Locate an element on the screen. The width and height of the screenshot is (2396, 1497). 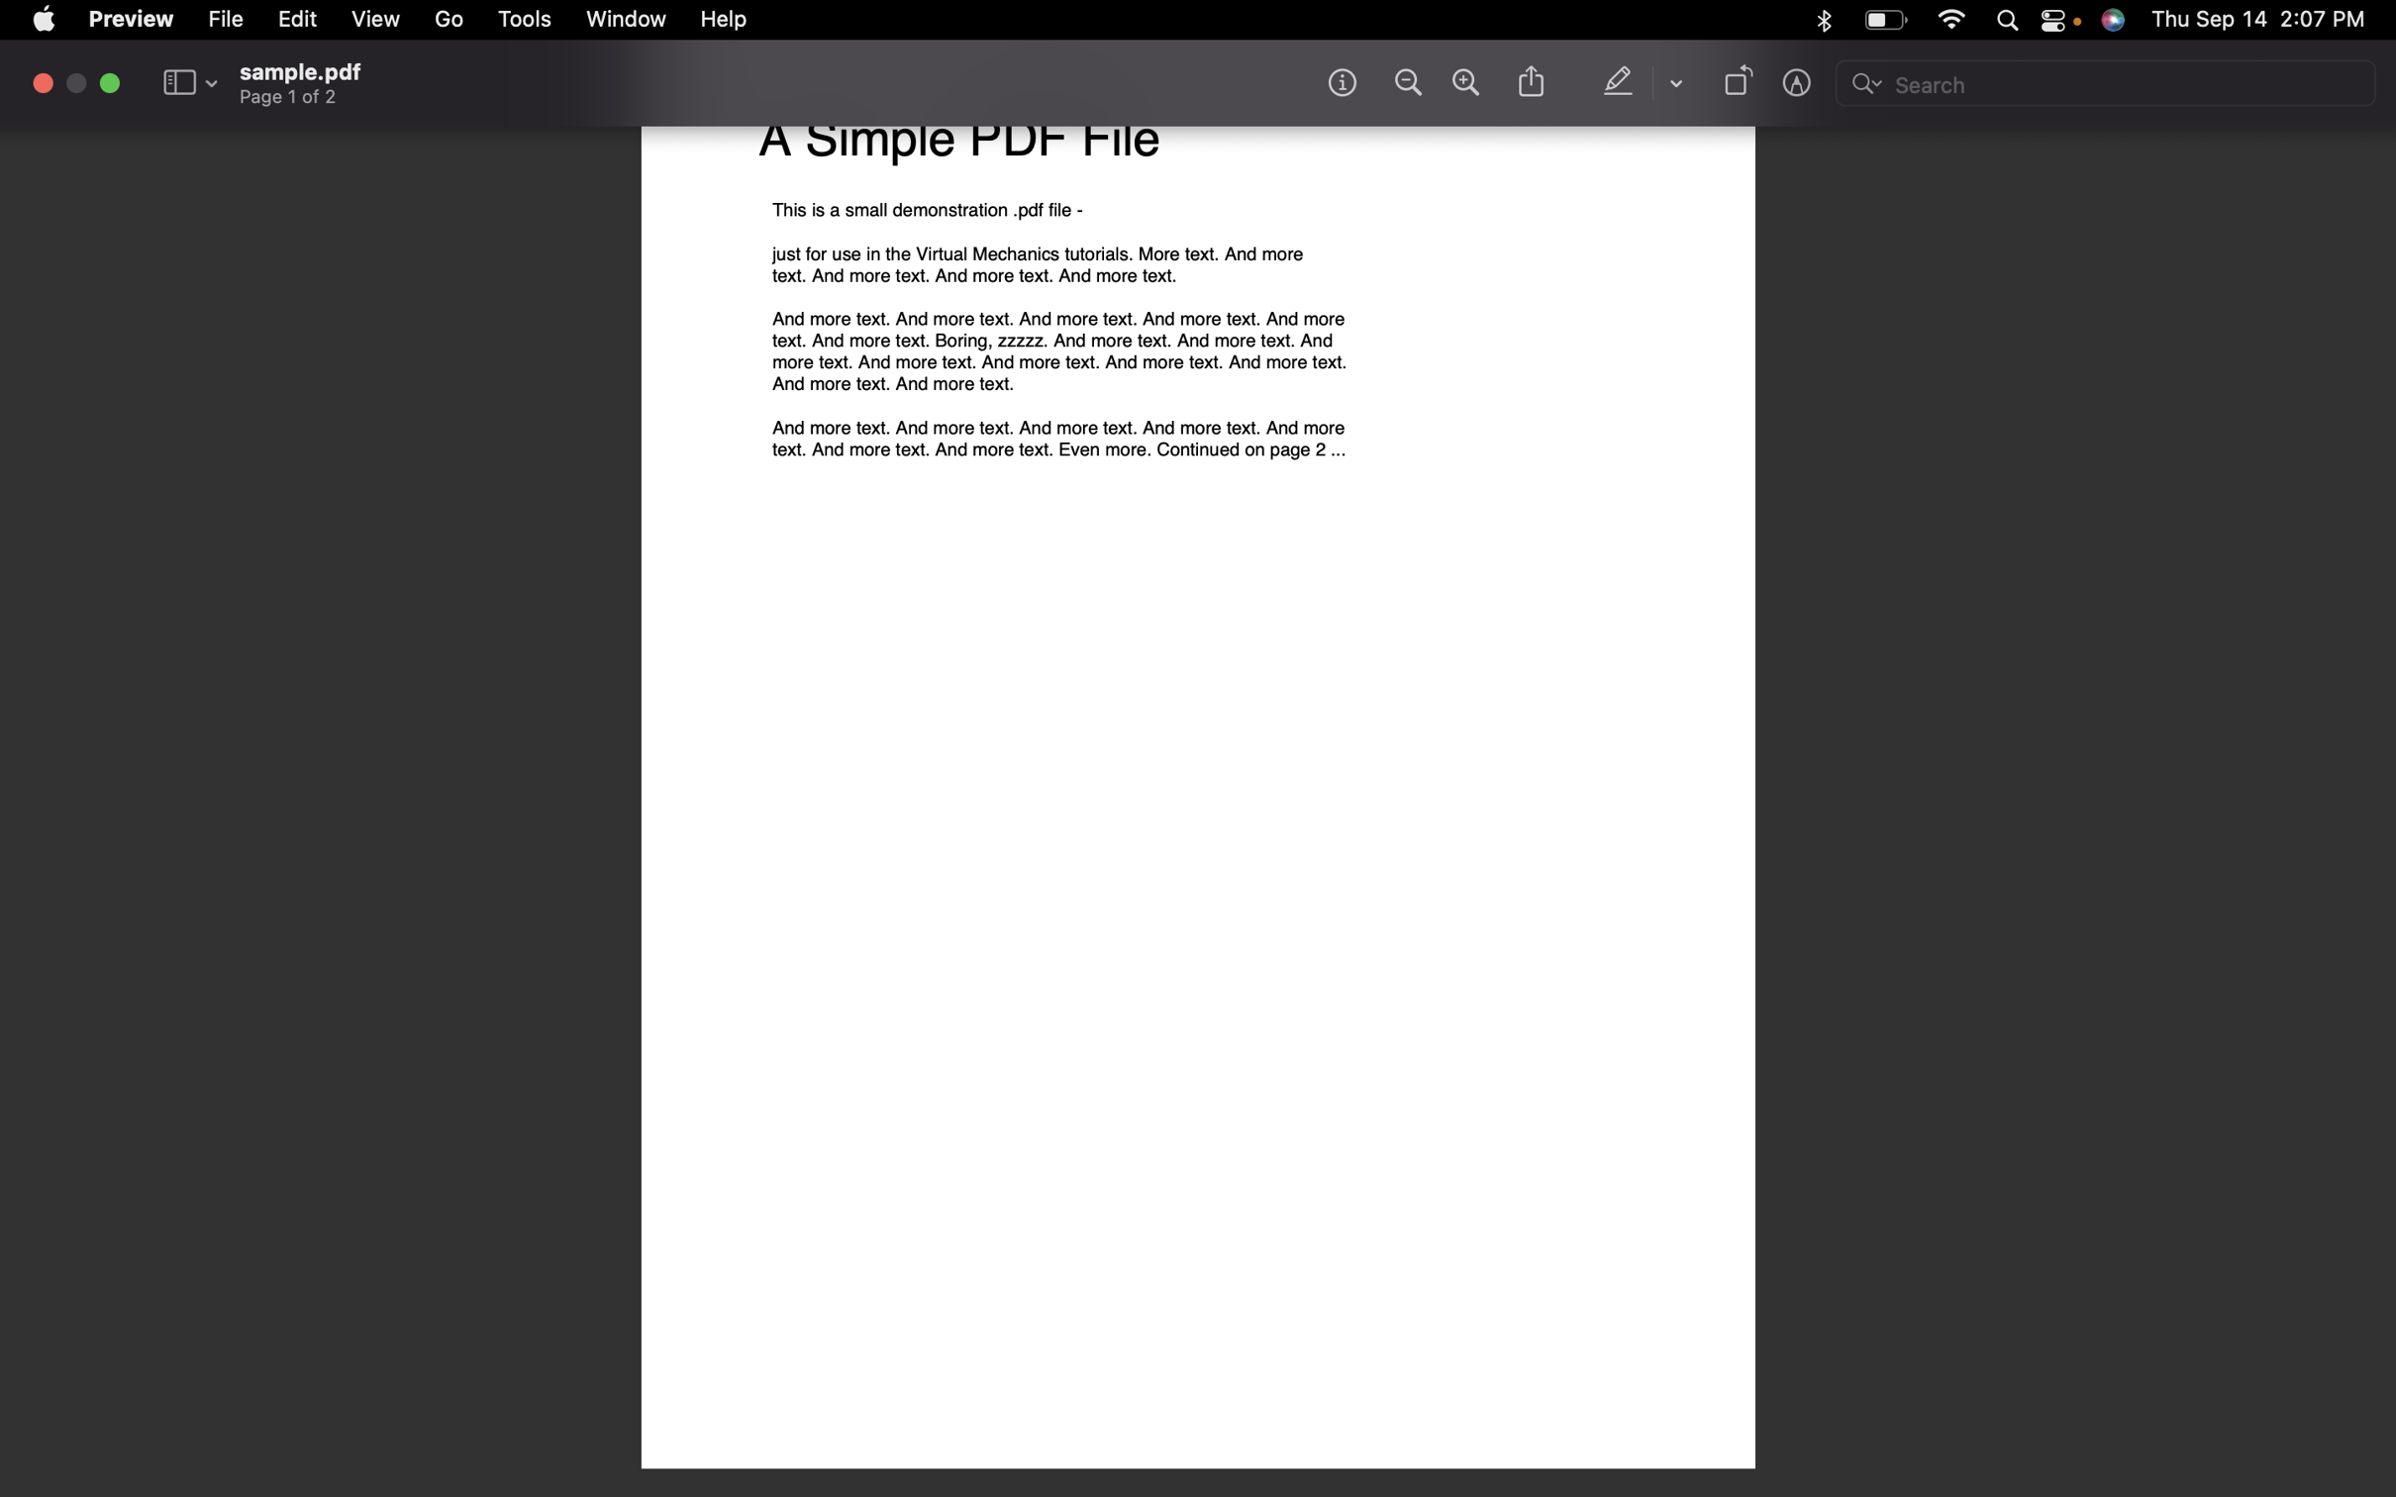
Scroll down to view the subsequent page is located at coordinates (3465814, 1457329).